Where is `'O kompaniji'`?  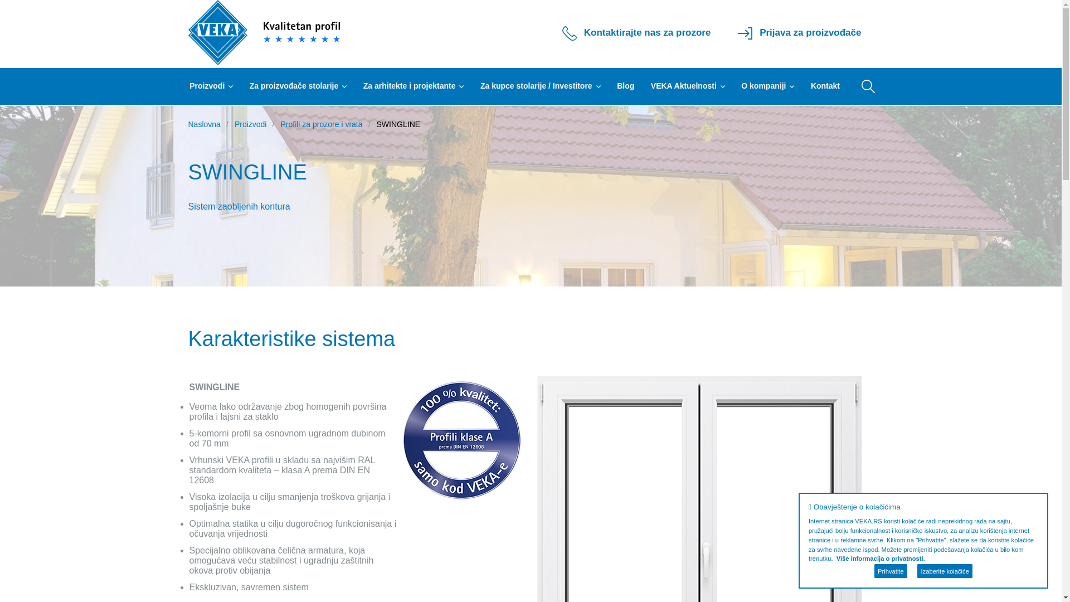 'O kompaniji' is located at coordinates (767, 86).